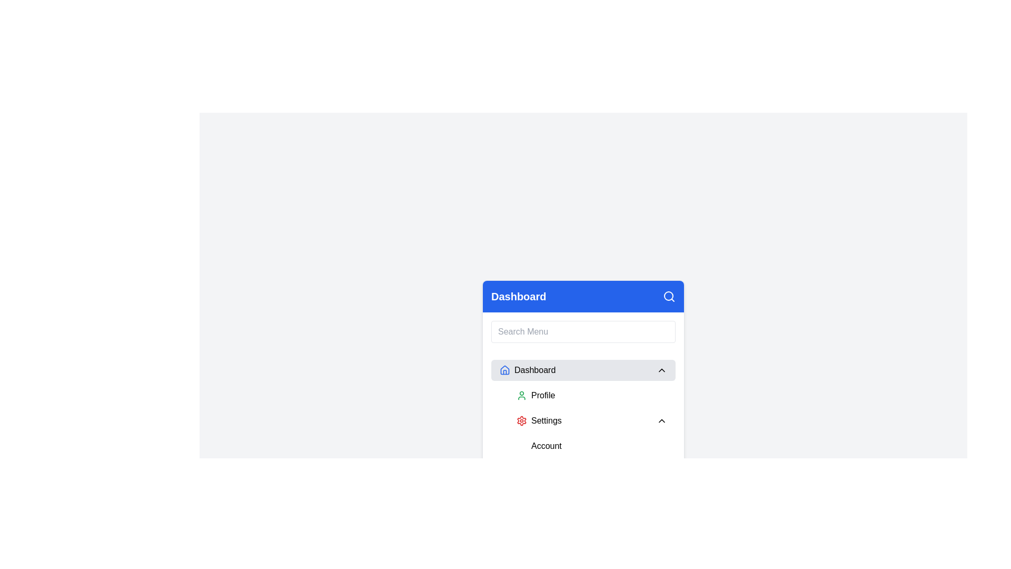 The width and height of the screenshot is (1011, 569). What do you see at coordinates (661, 420) in the screenshot?
I see `the downward-facing chevron icon located to the right of the 'Settings' label to visualize any interactive feedback` at bounding box center [661, 420].